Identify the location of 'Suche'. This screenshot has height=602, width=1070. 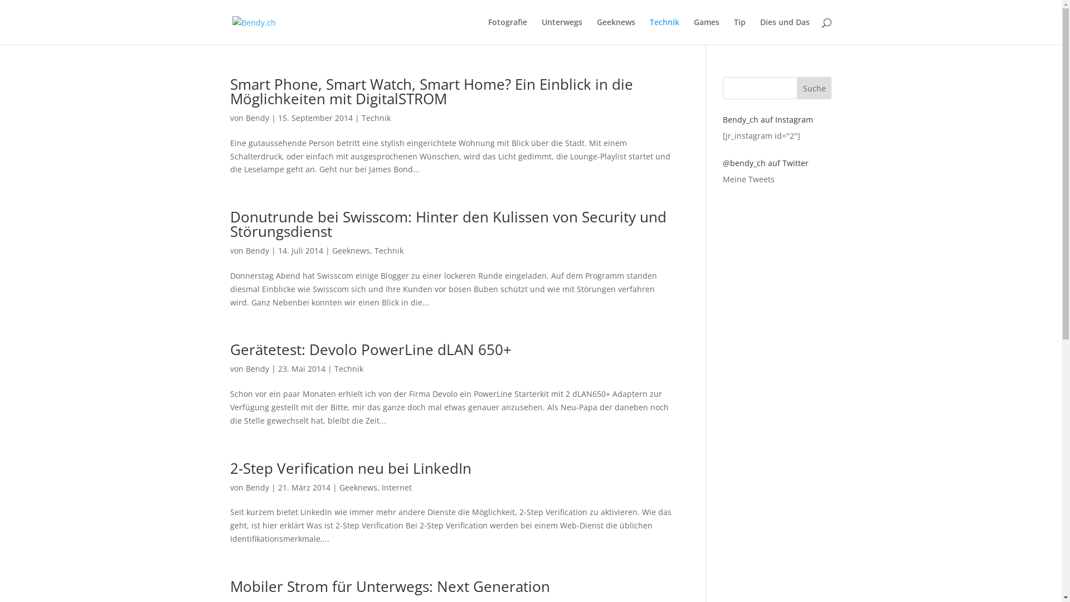
(814, 88).